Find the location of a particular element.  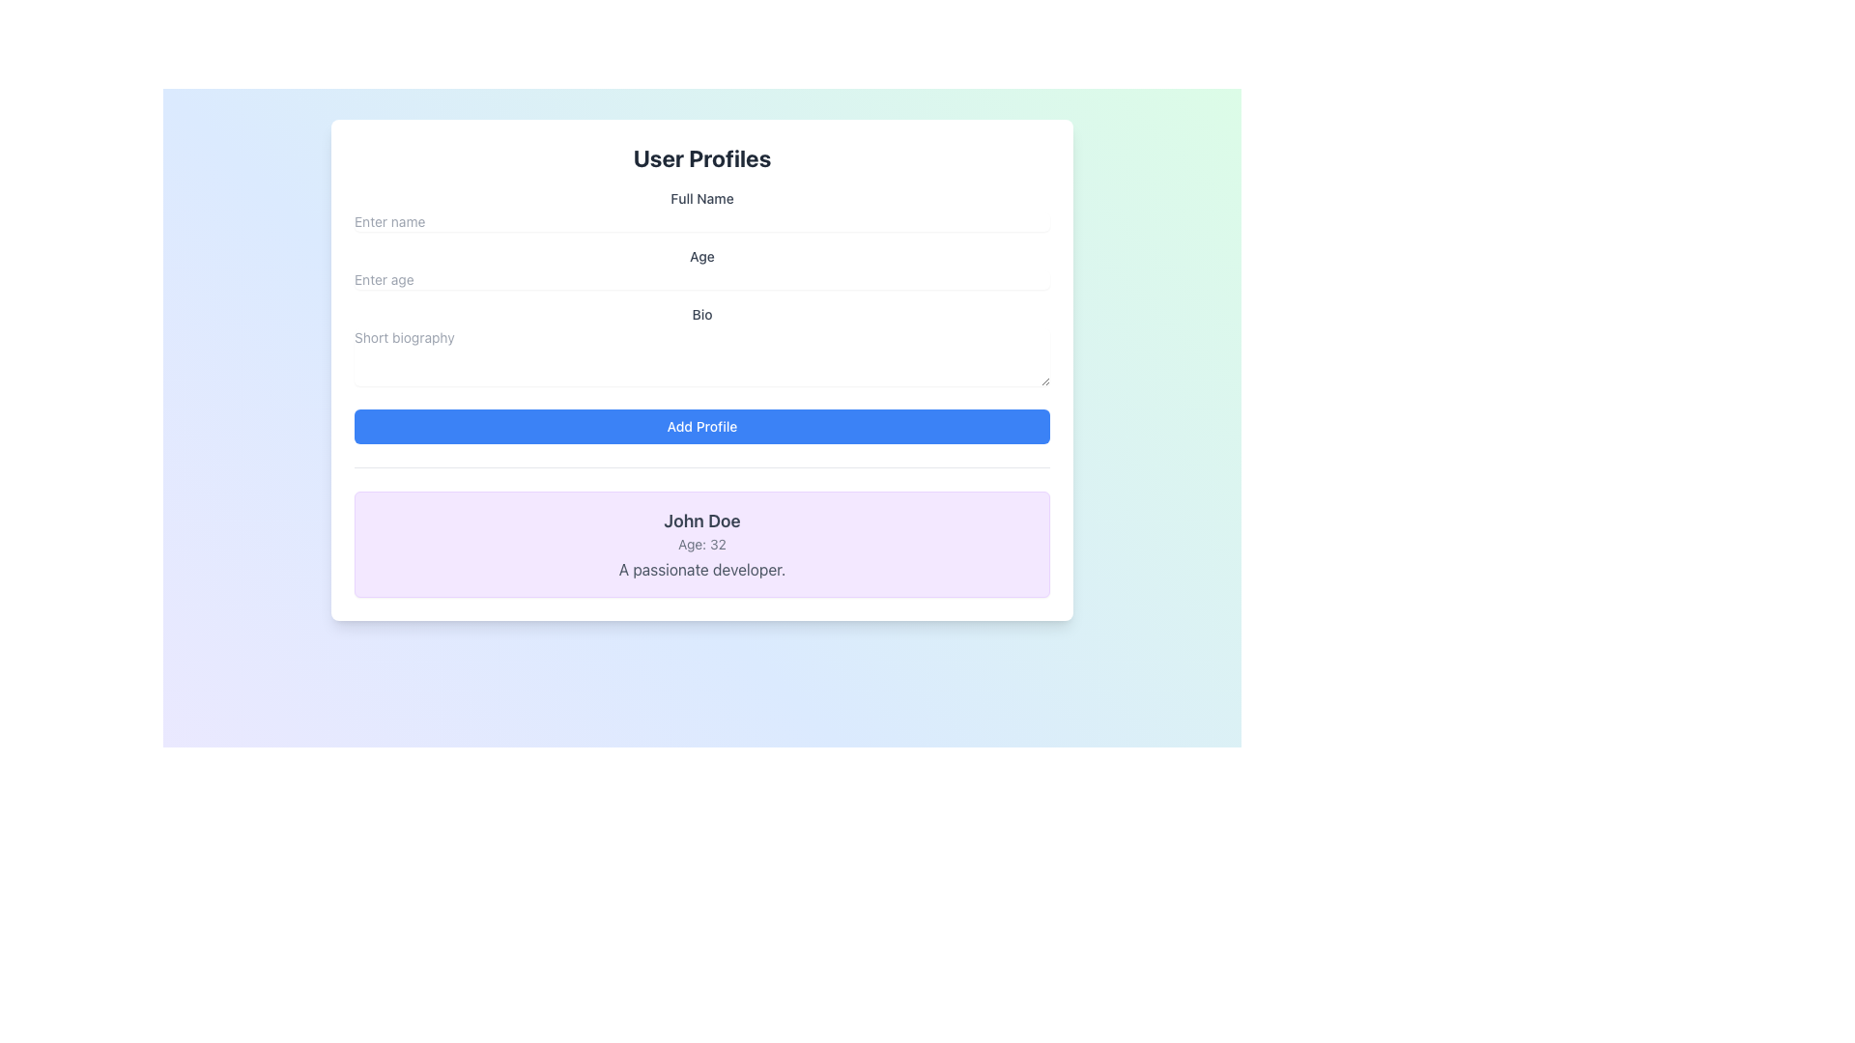

into the Labeled Text Input Field for full name entry, which is located beneath the 'User Profiles' header and above the 'Age' input field is located at coordinates (700, 211).